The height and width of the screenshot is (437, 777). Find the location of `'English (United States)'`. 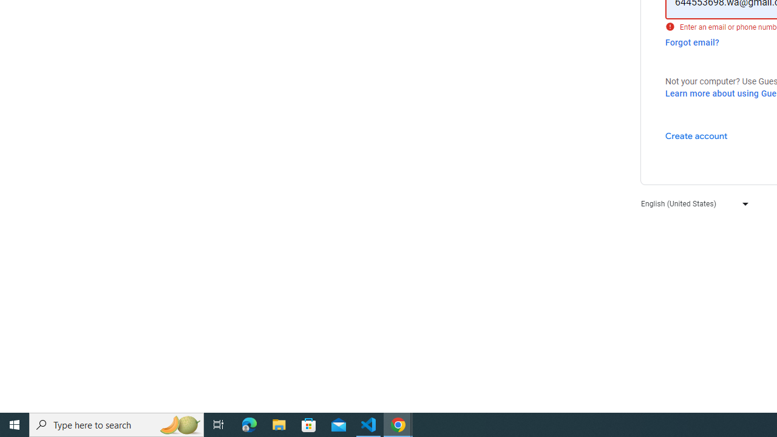

'English (United States)' is located at coordinates (691, 203).